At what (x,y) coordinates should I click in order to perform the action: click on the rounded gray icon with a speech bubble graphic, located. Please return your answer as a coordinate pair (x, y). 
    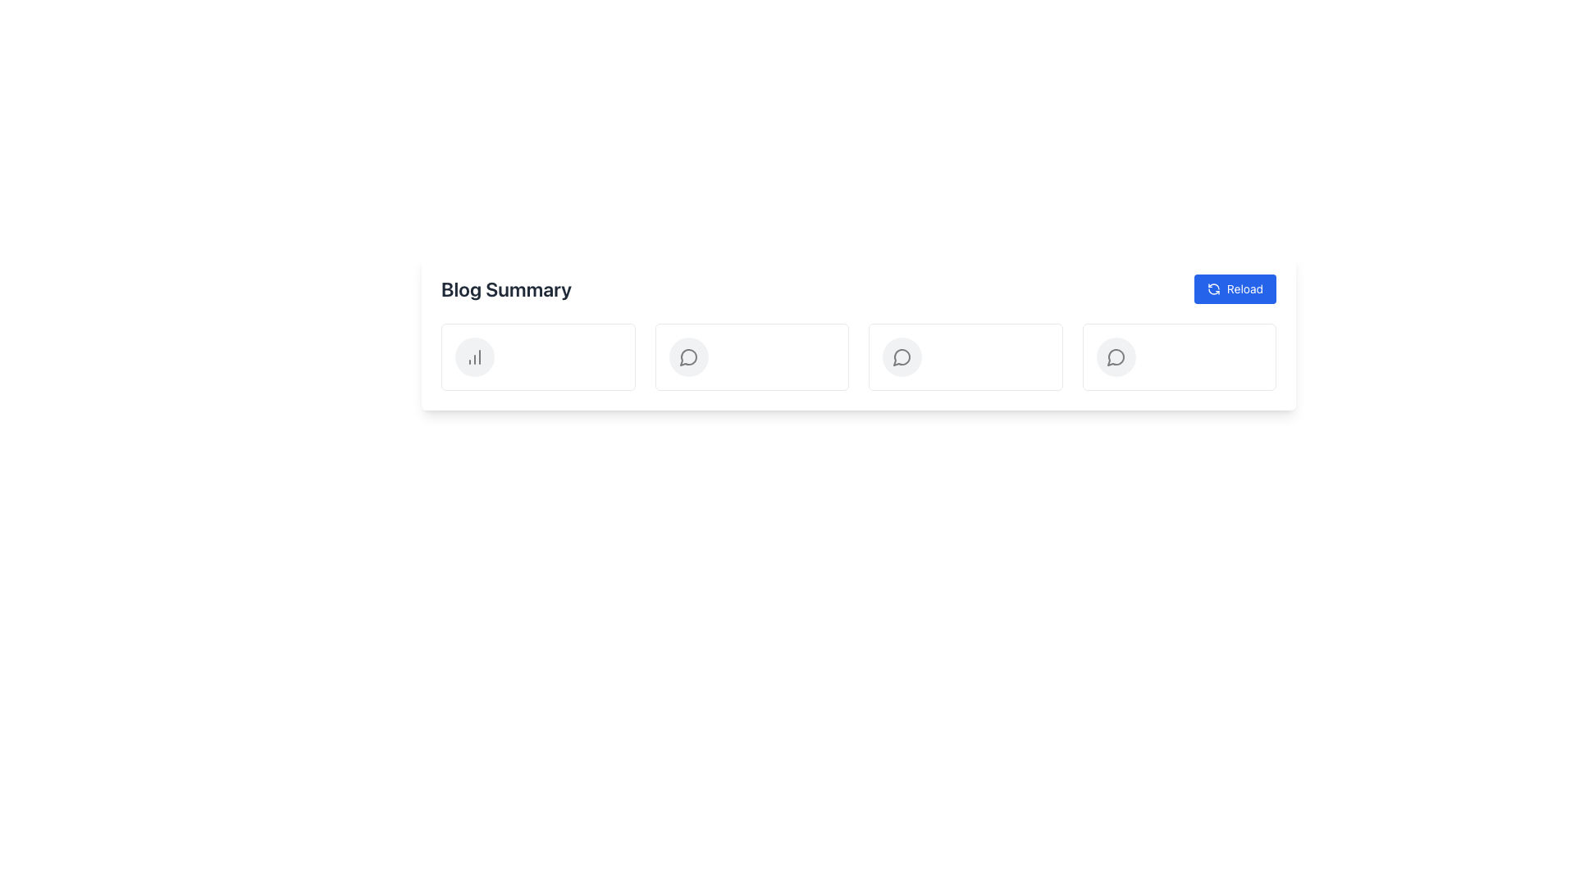
    Looking at the image, I should click on (1116, 356).